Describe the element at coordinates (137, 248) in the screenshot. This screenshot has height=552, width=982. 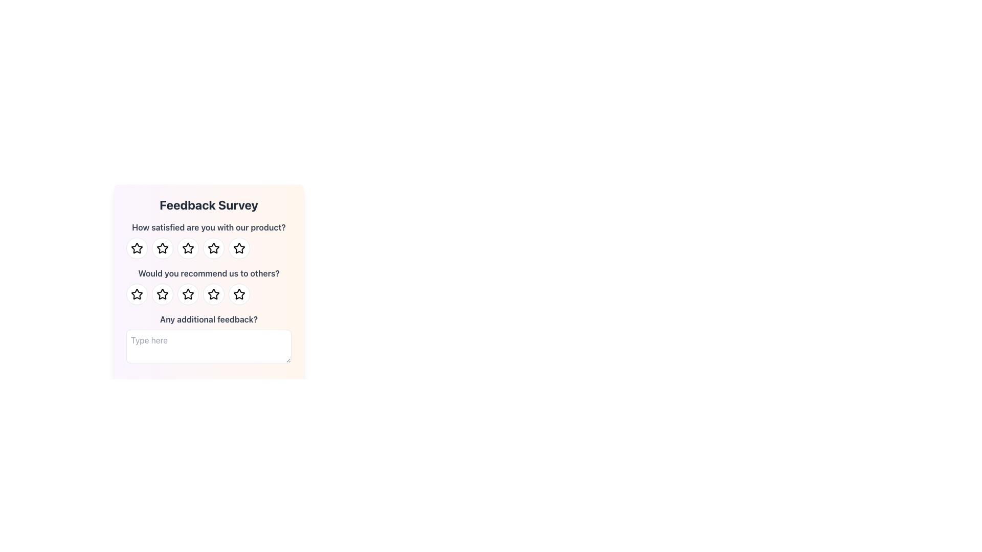
I see `the first star icon in the five-star rating row under the 'How satisfied are you with our product?' section` at that location.